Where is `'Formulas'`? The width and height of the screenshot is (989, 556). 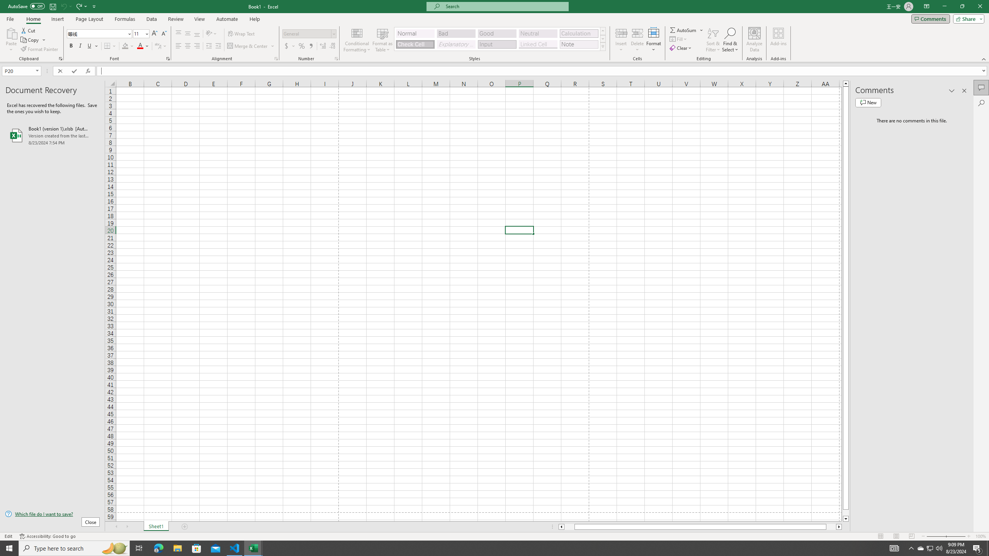
'Formulas' is located at coordinates (126, 19).